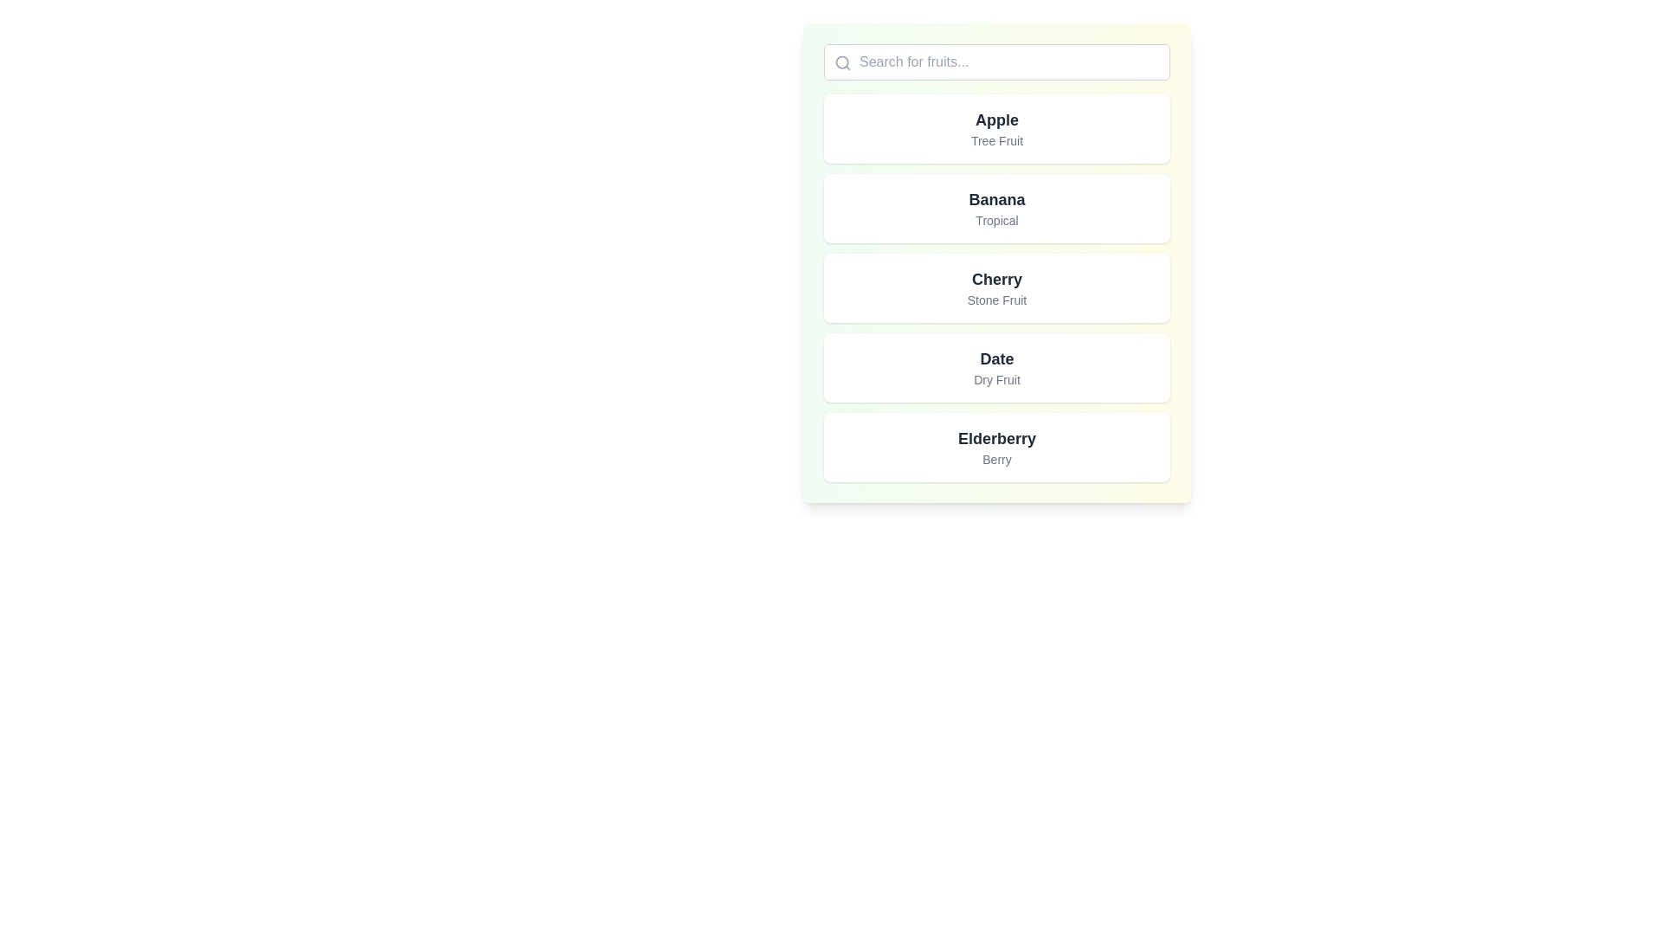  Describe the element at coordinates (997, 300) in the screenshot. I see `text label displaying 'Stone Fruit' which is styled in gray and located below 'Cherry' in the third card of a vertical list of options` at that location.